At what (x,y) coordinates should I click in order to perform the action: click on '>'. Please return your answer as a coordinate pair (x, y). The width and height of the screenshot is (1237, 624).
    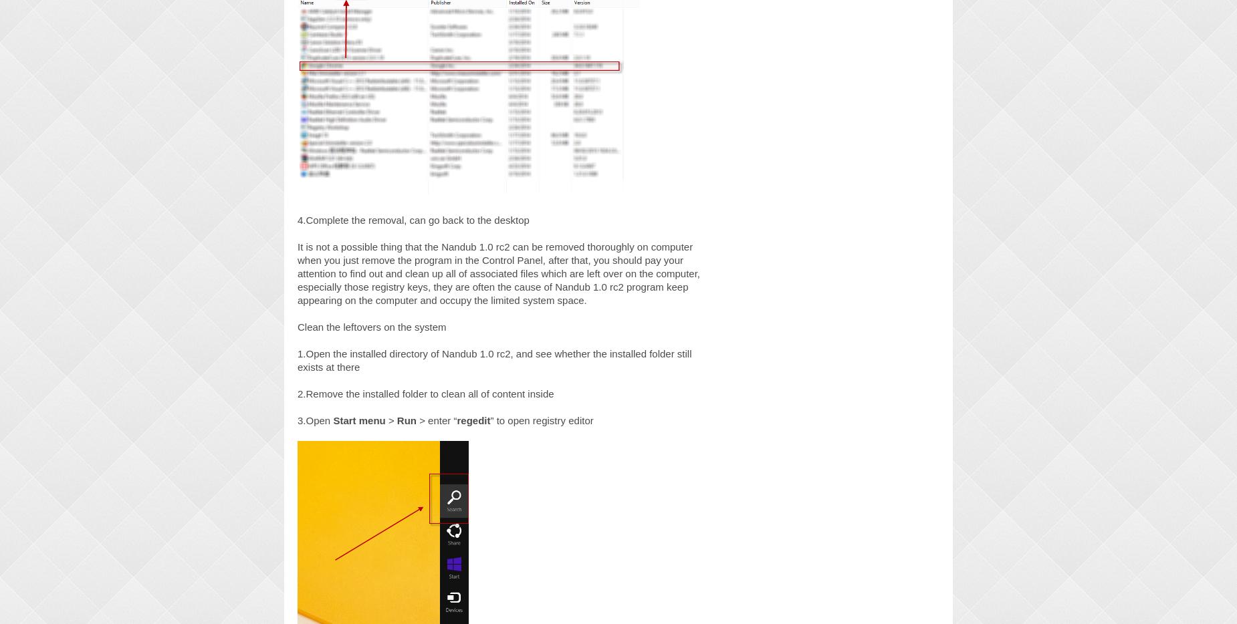
    Looking at the image, I should click on (390, 420).